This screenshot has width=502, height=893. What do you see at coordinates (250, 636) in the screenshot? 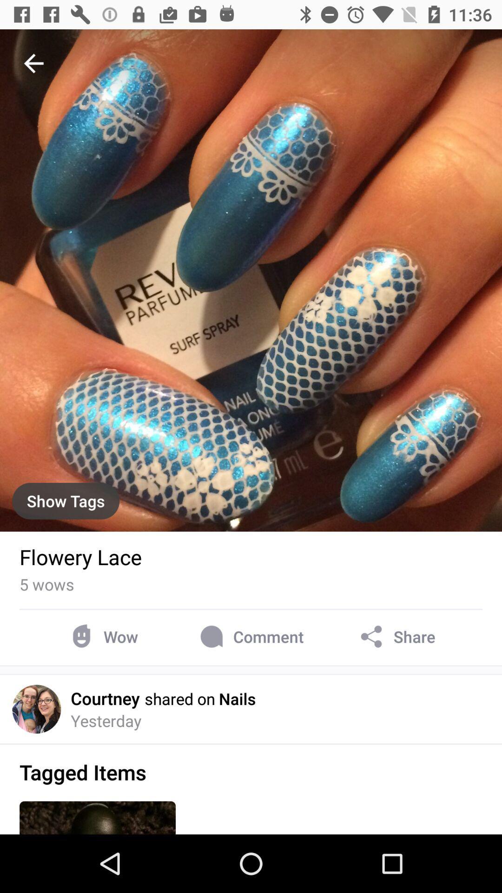
I see `item to the left of share` at bounding box center [250, 636].